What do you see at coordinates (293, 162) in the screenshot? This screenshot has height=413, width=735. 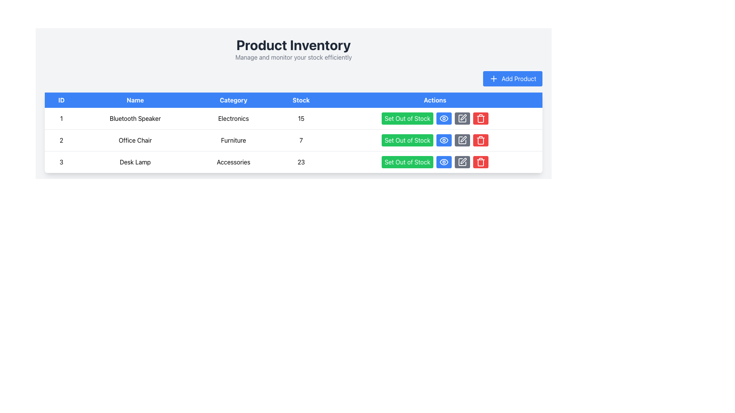 I see `the third row of the product inventory table` at bounding box center [293, 162].